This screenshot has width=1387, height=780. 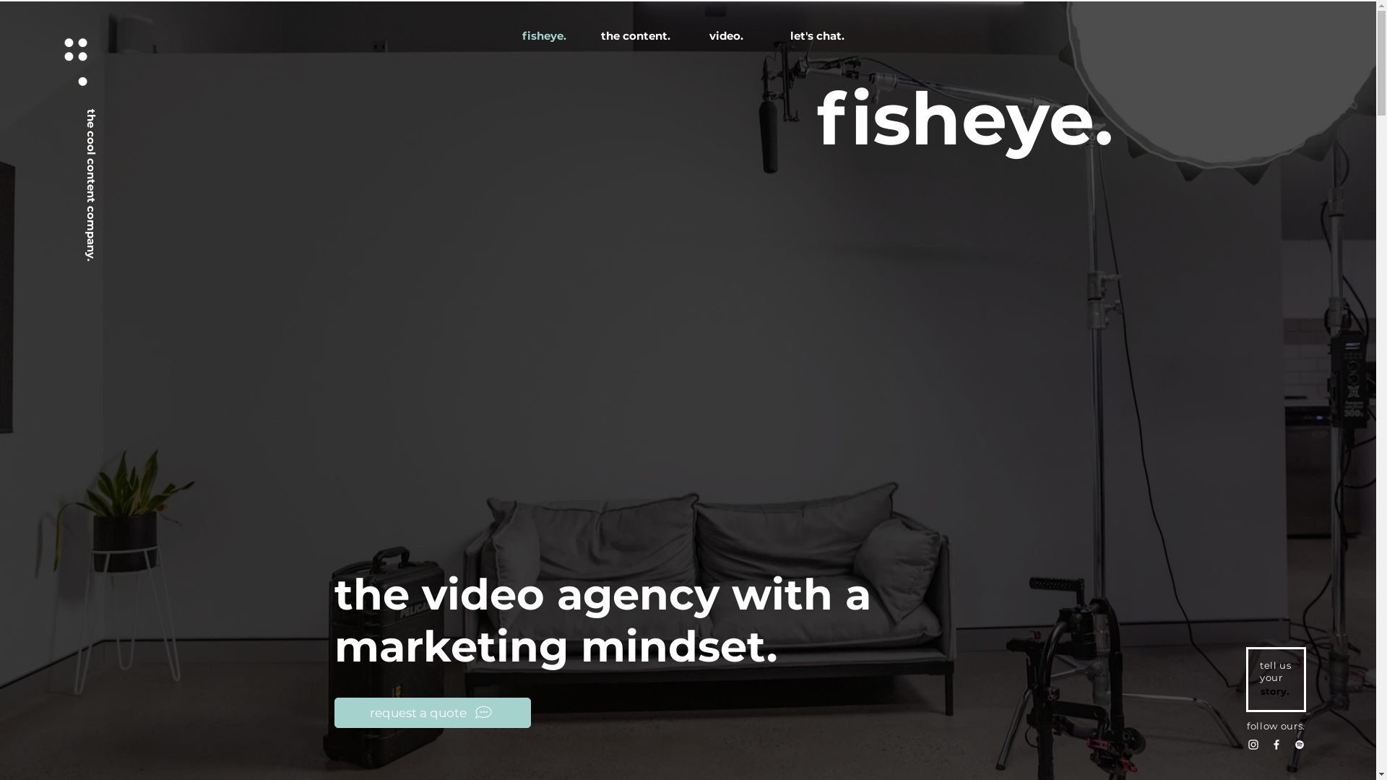 I want to click on 'fisheye.', so click(x=498, y=35).